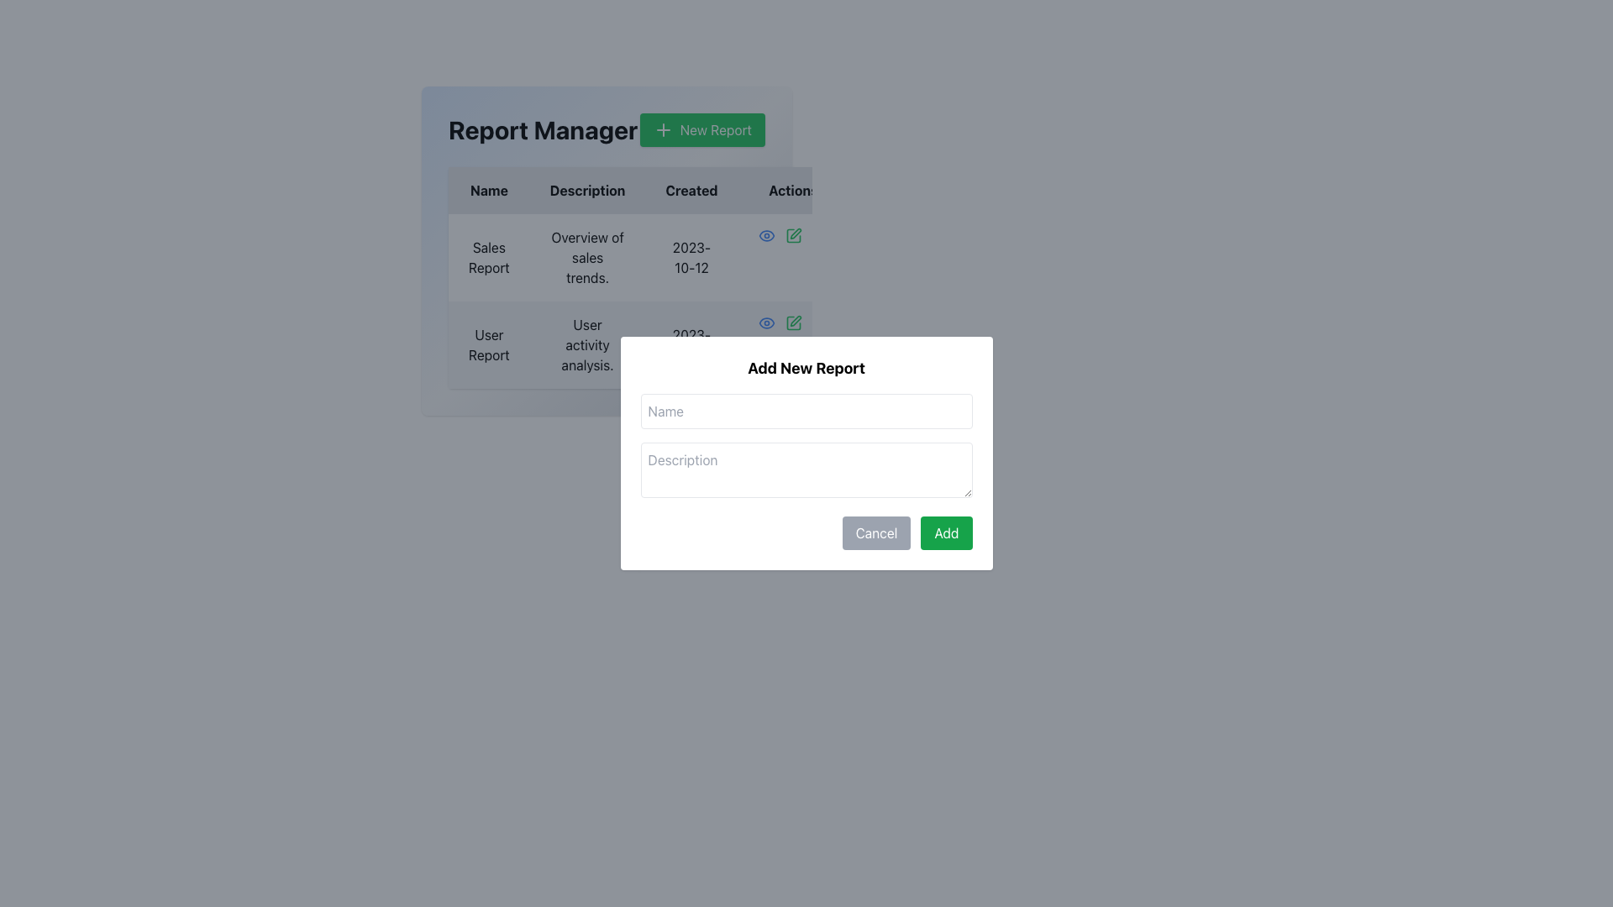 This screenshot has height=907, width=1613. Describe the element at coordinates (820, 323) in the screenshot. I see `the third action button in the 'Action' column of the 'User Report' row` at that location.